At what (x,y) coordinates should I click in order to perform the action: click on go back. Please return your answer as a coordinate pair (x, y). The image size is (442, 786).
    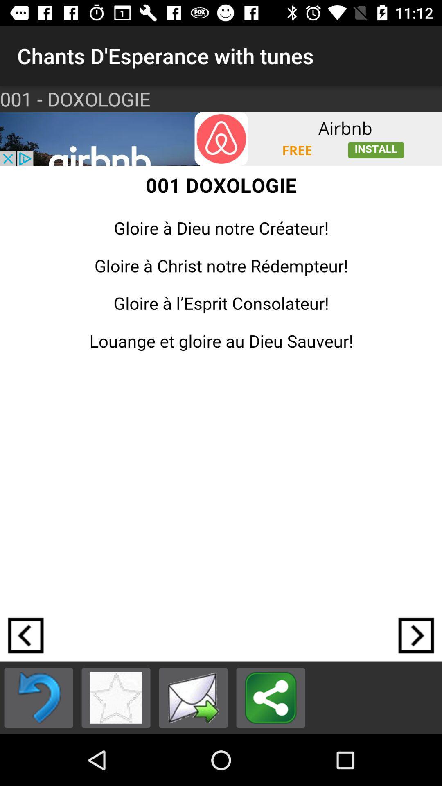
    Looking at the image, I should click on (25, 635).